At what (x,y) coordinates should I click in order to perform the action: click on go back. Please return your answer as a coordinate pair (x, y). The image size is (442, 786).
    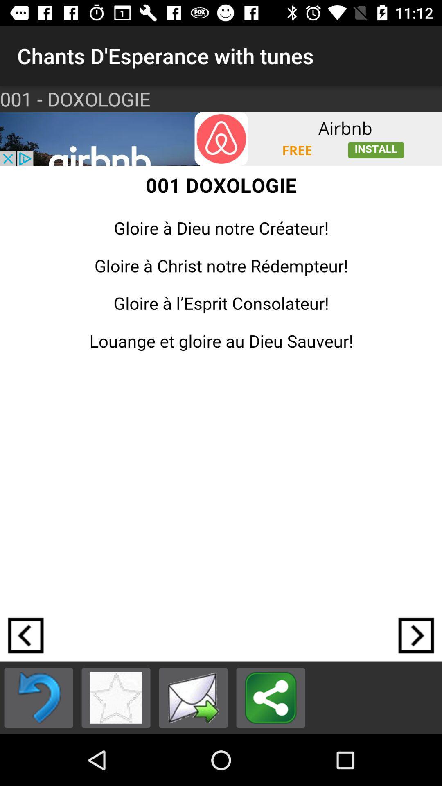
    Looking at the image, I should click on (25, 635).